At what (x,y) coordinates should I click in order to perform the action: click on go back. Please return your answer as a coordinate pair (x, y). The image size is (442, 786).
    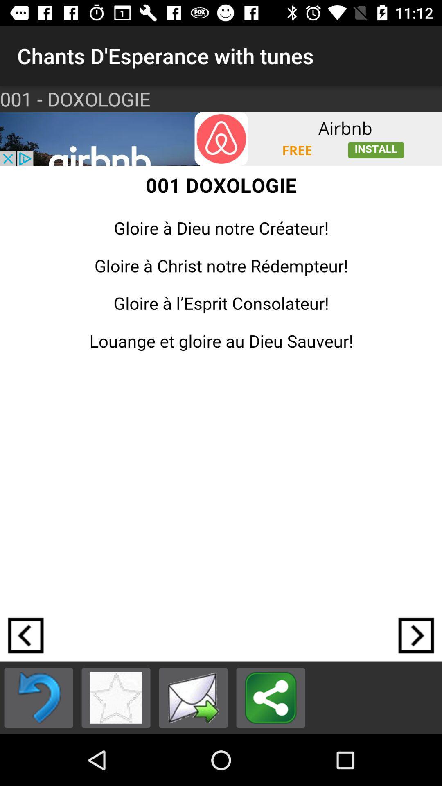
    Looking at the image, I should click on (25, 635).